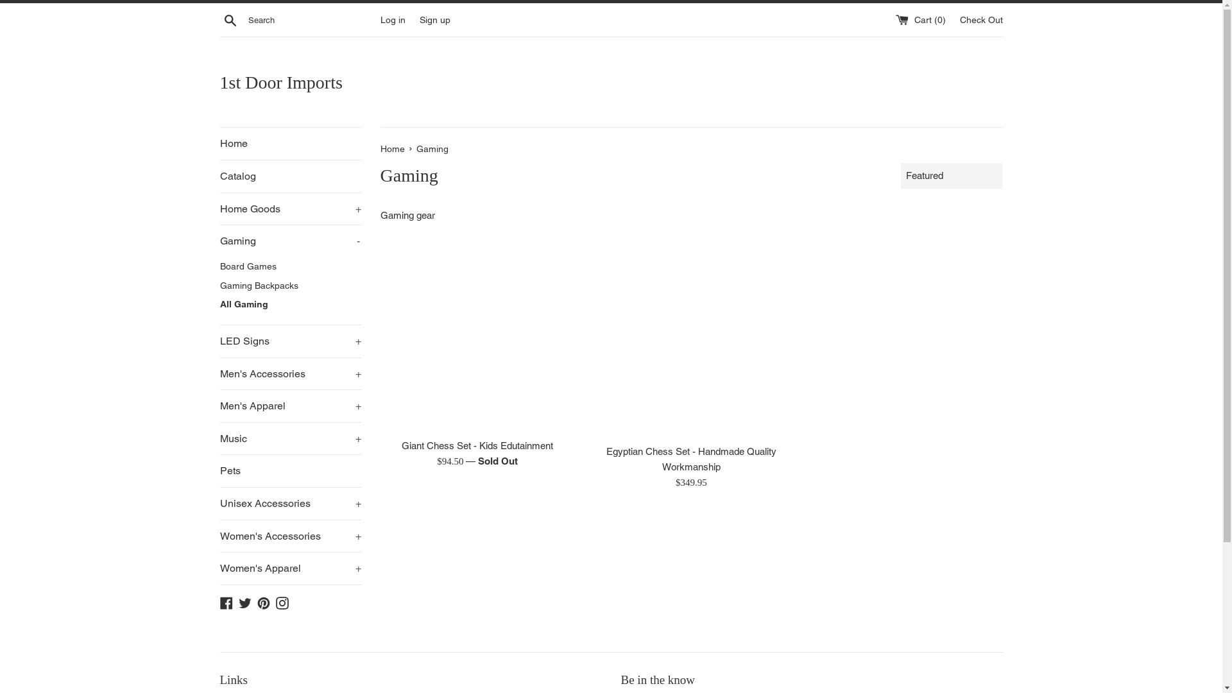 Image resolution: width=1232 pixels, height=693 pixels. Describe the element at coordinates (219, 503) in the screenshot. I see `'Unisex Accessories` at that location.